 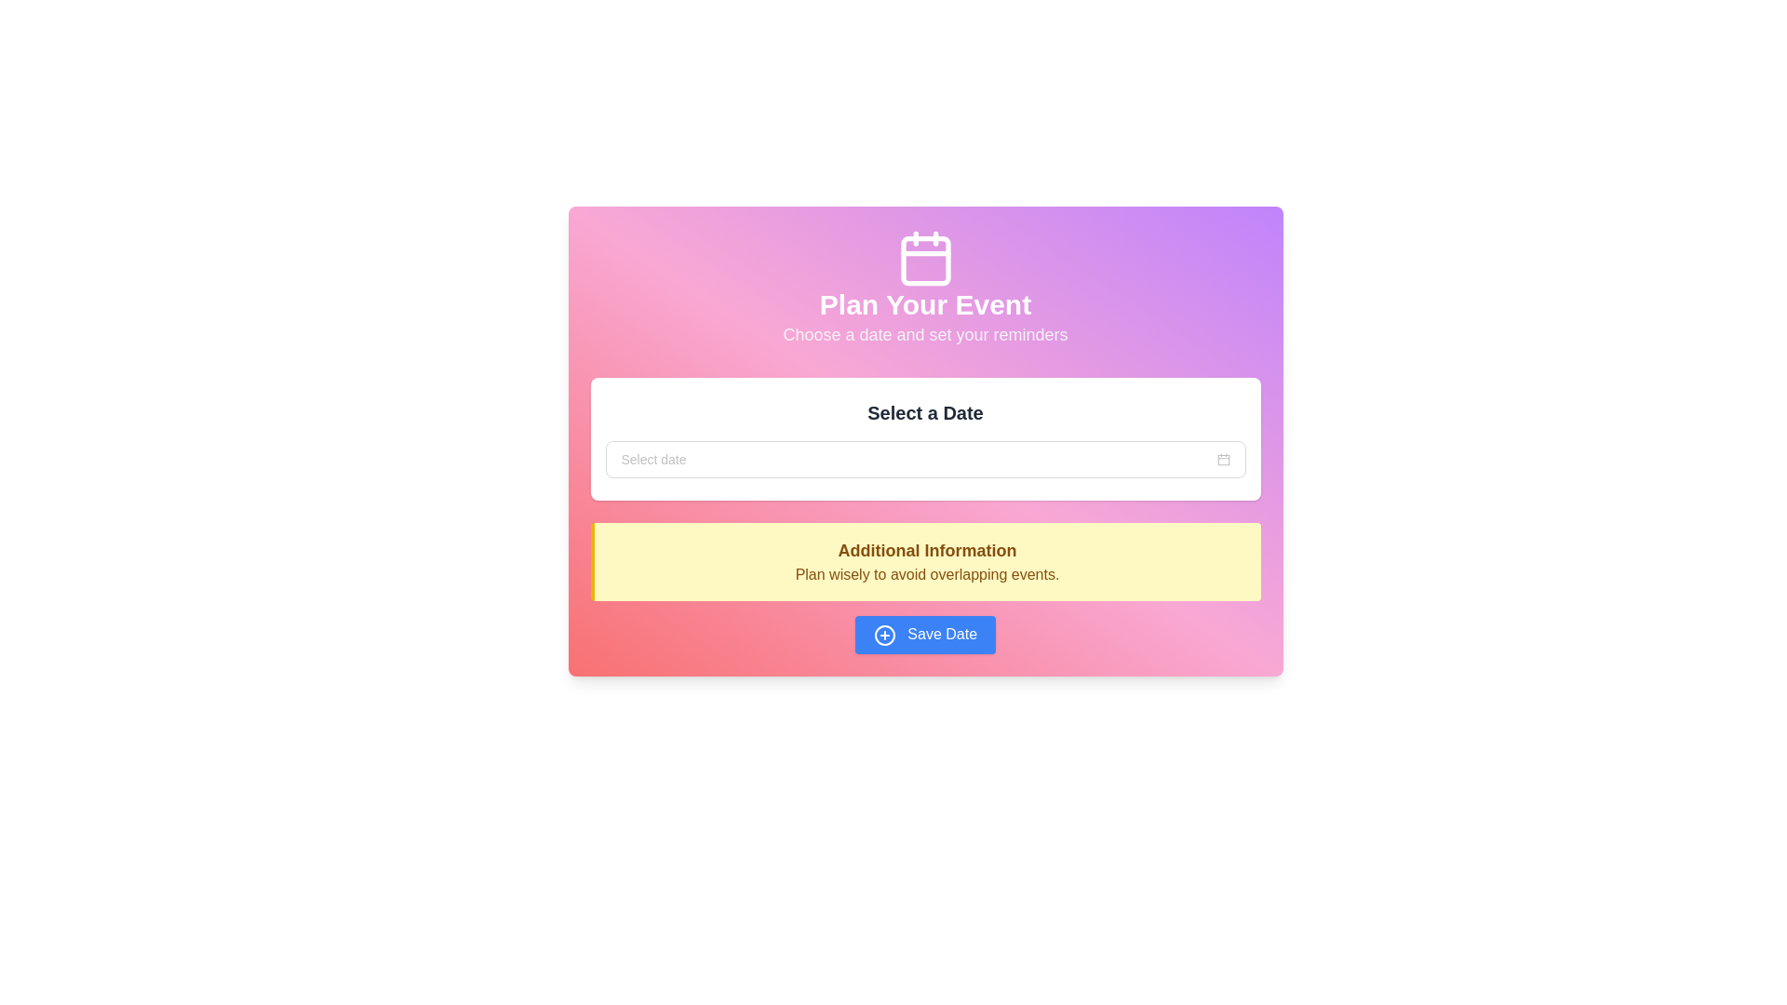 What do you see at coordinates (925, 258) in the screenshot?
I see `the calendar icon, which has a rounded outline with a purple background and white stroke, located above the 'Plan Your Event' title` at bounding box center [925, 258].